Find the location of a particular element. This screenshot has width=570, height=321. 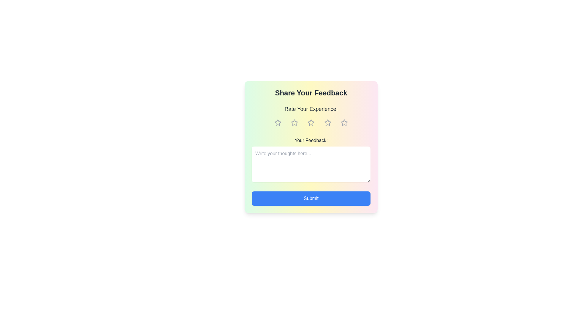

the second star icon from the left, which is a star-shaped icon with gray outlines is located at coordinates (294, 122).